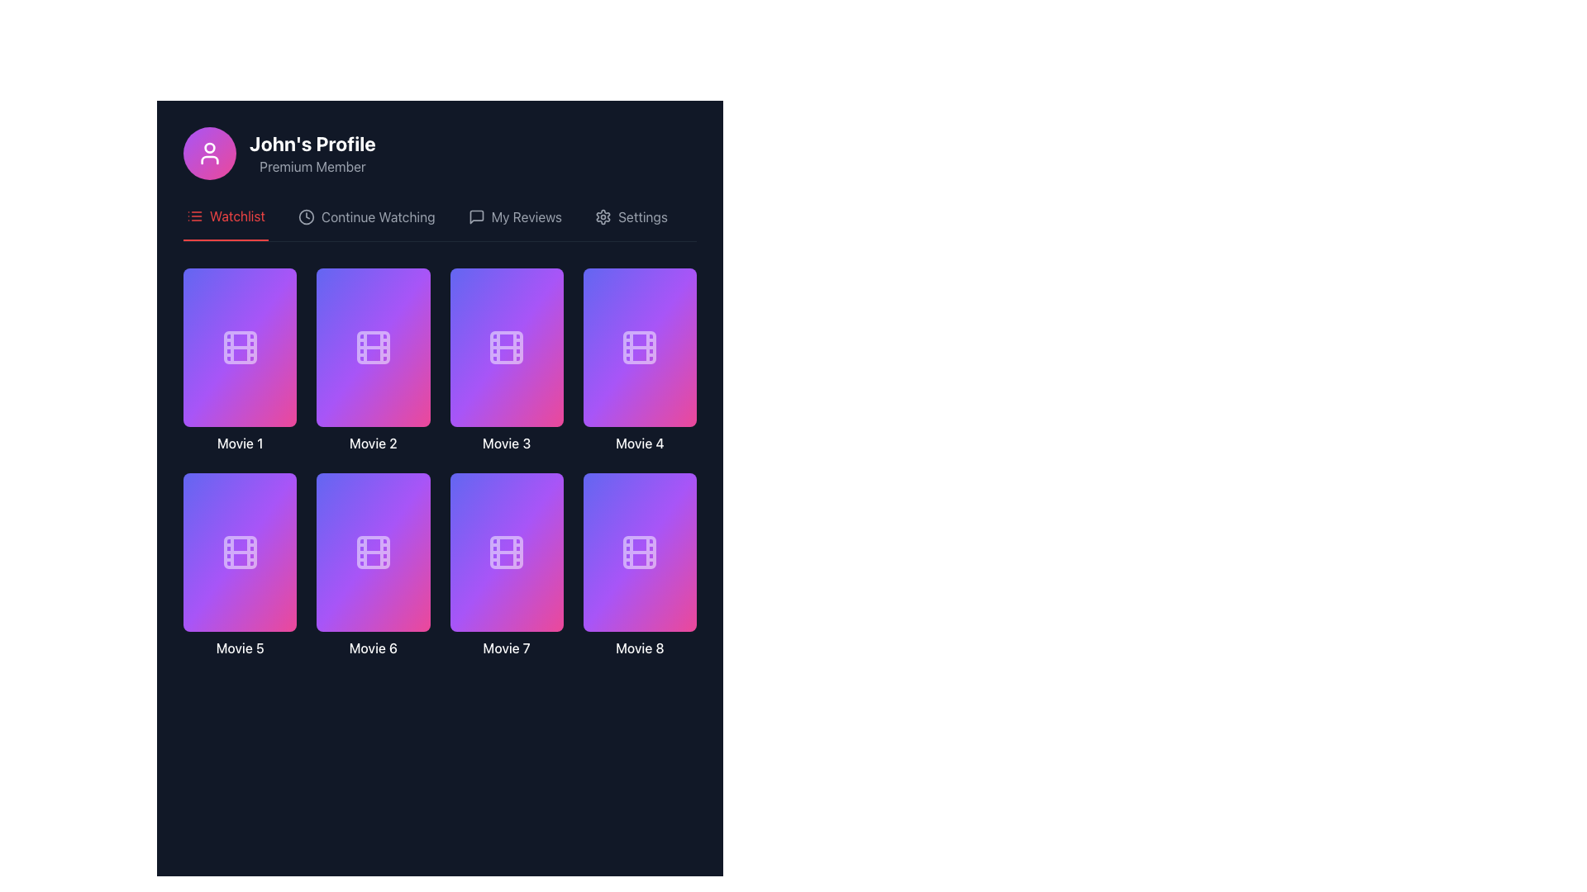 The height and width of the screenshot is (892, 1587). What do you see at coordinates (239, 552) in the screenshot?
I see `the graphical design of the central film icon in the 'Movie 5' card, located in the fifth grid item of the second row in the media library interface` at bounding box center [239, 552].